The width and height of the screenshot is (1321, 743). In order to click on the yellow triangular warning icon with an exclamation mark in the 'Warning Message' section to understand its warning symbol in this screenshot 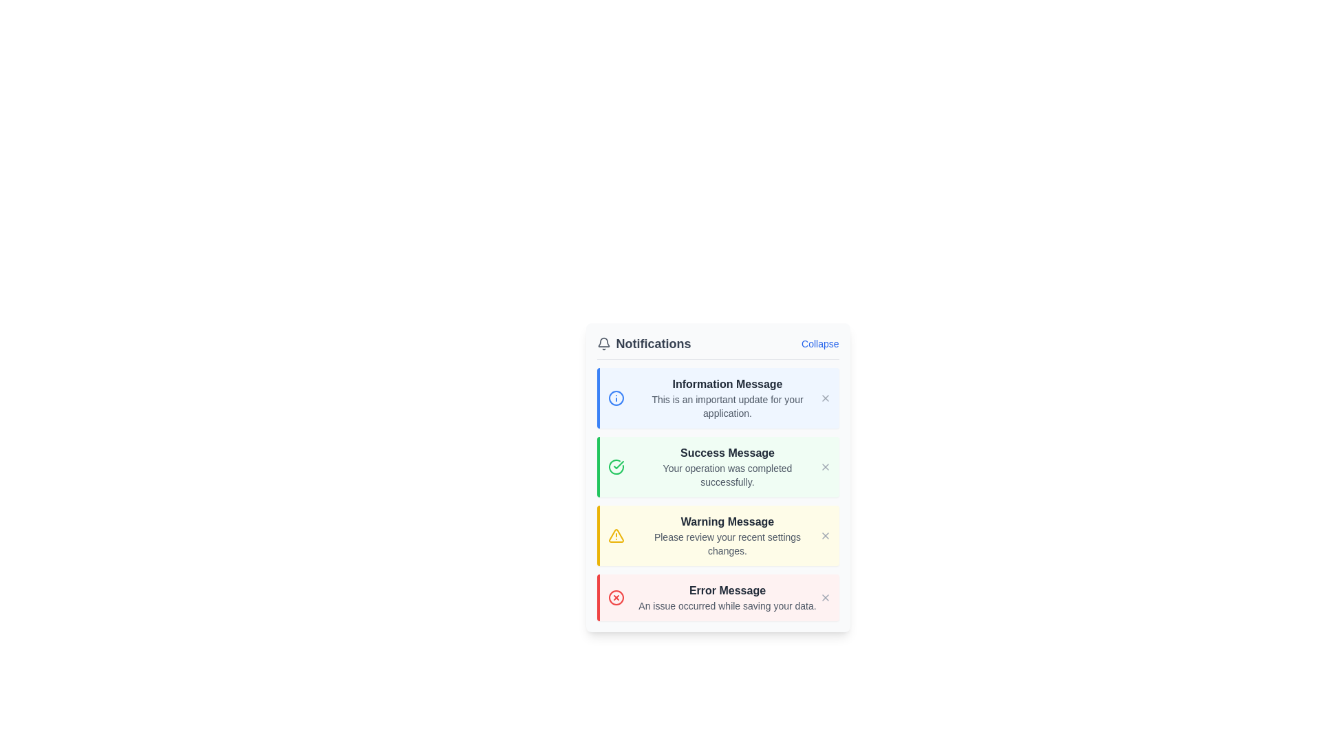, I will do `click(615, 535)`.